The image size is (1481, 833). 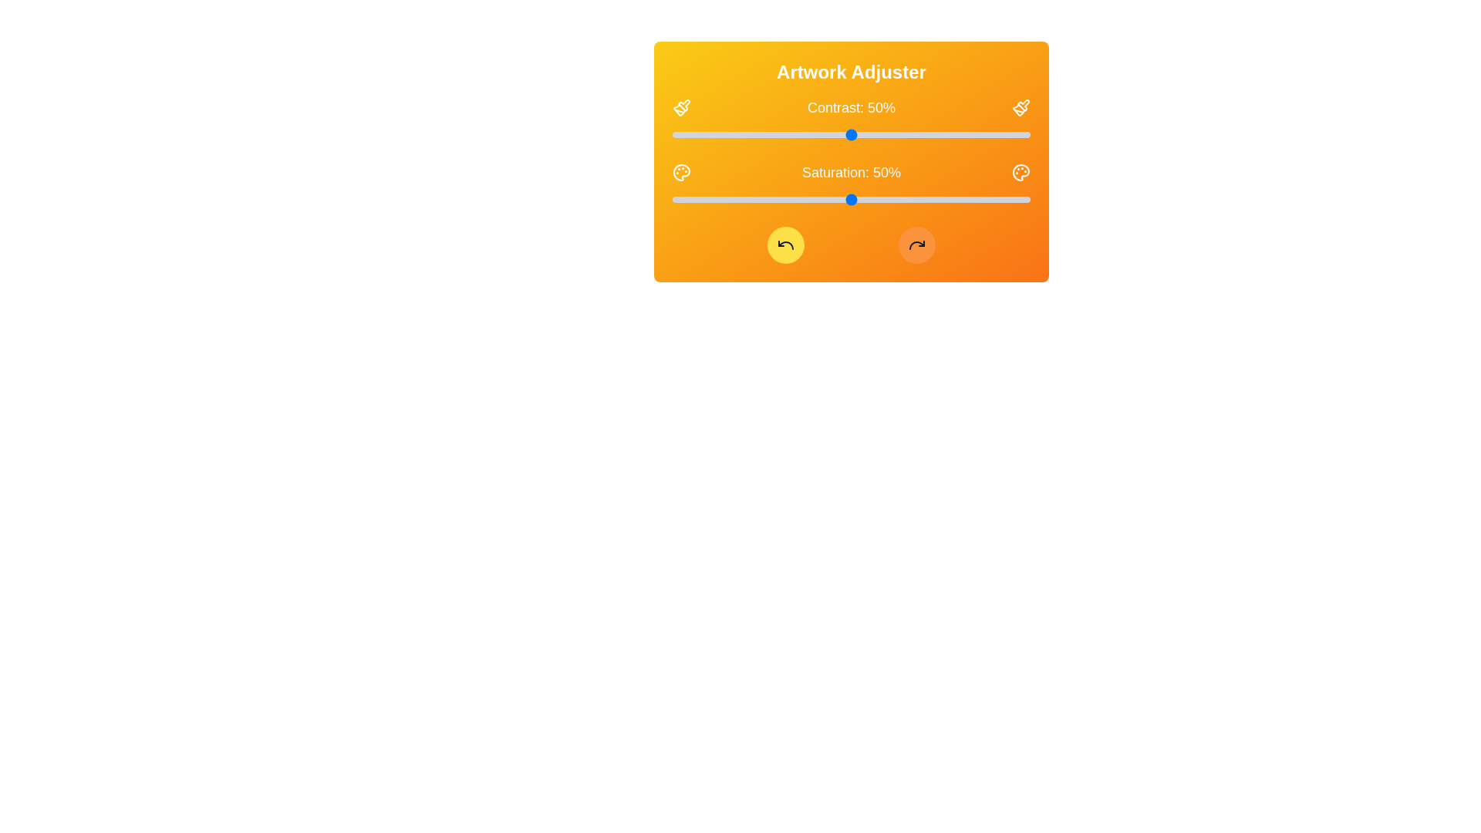 What do you see at coordinates (785, 244) in the screenshot?
I see `undo button to revert the changes` at bounding box center [785, 244].